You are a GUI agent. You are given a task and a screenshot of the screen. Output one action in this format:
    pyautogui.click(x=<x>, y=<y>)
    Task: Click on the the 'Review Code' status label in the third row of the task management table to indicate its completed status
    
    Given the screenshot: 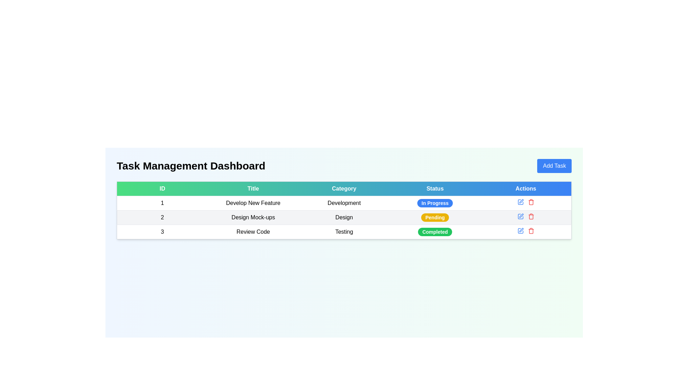 What is the action you would take?
    pyautogui.click(x=435, y=232)
    